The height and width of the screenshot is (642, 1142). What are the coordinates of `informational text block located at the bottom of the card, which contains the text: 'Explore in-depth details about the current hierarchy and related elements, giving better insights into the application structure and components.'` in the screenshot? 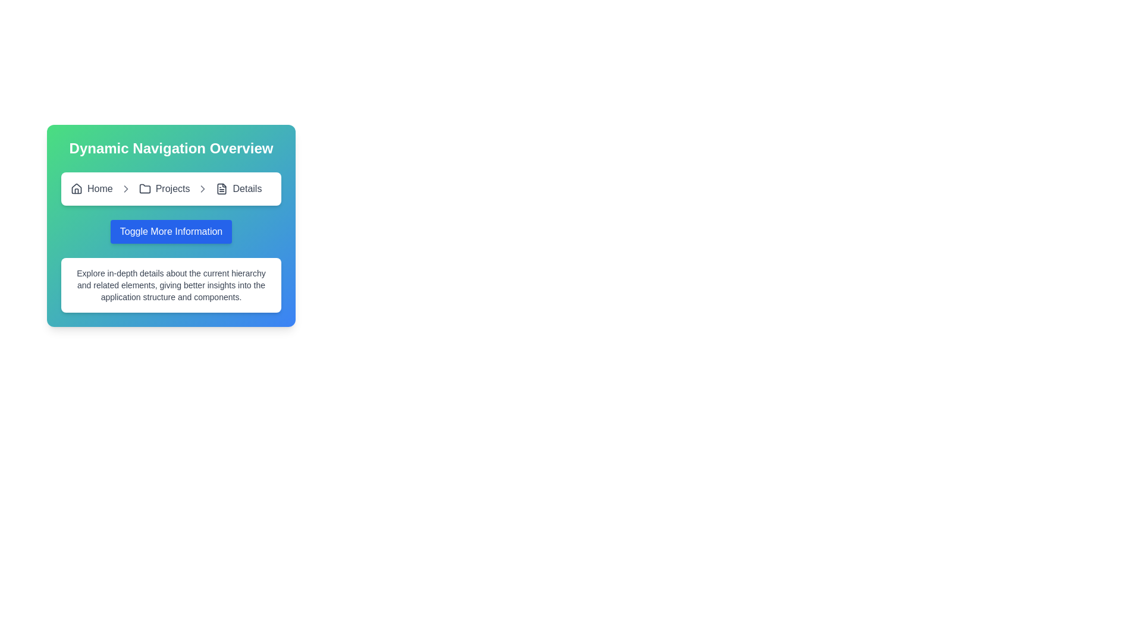 It's located at (171, 285).